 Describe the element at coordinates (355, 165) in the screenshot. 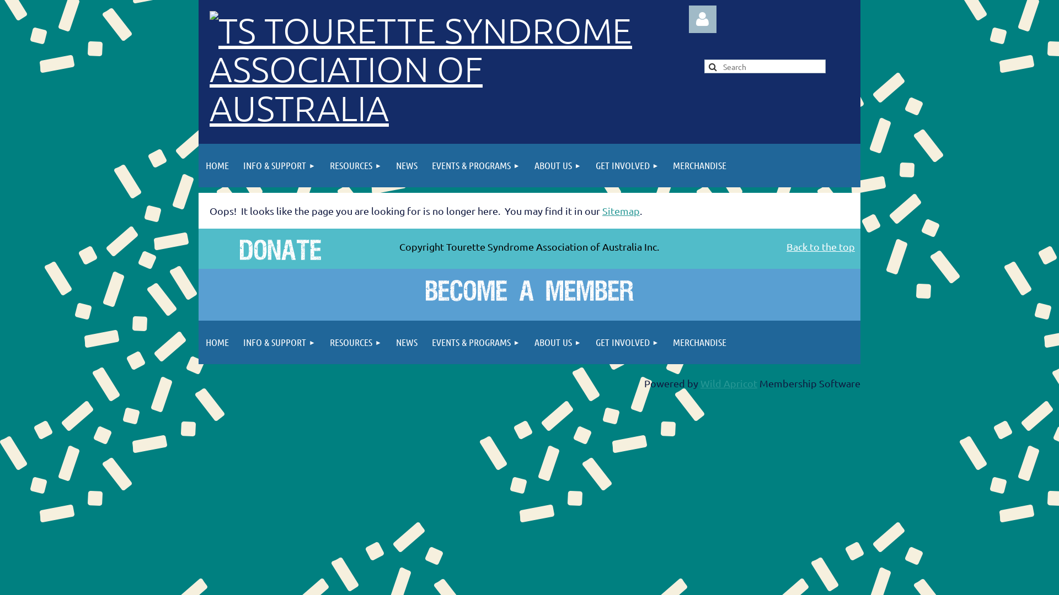

I see `'RESOURCES'` at that location.